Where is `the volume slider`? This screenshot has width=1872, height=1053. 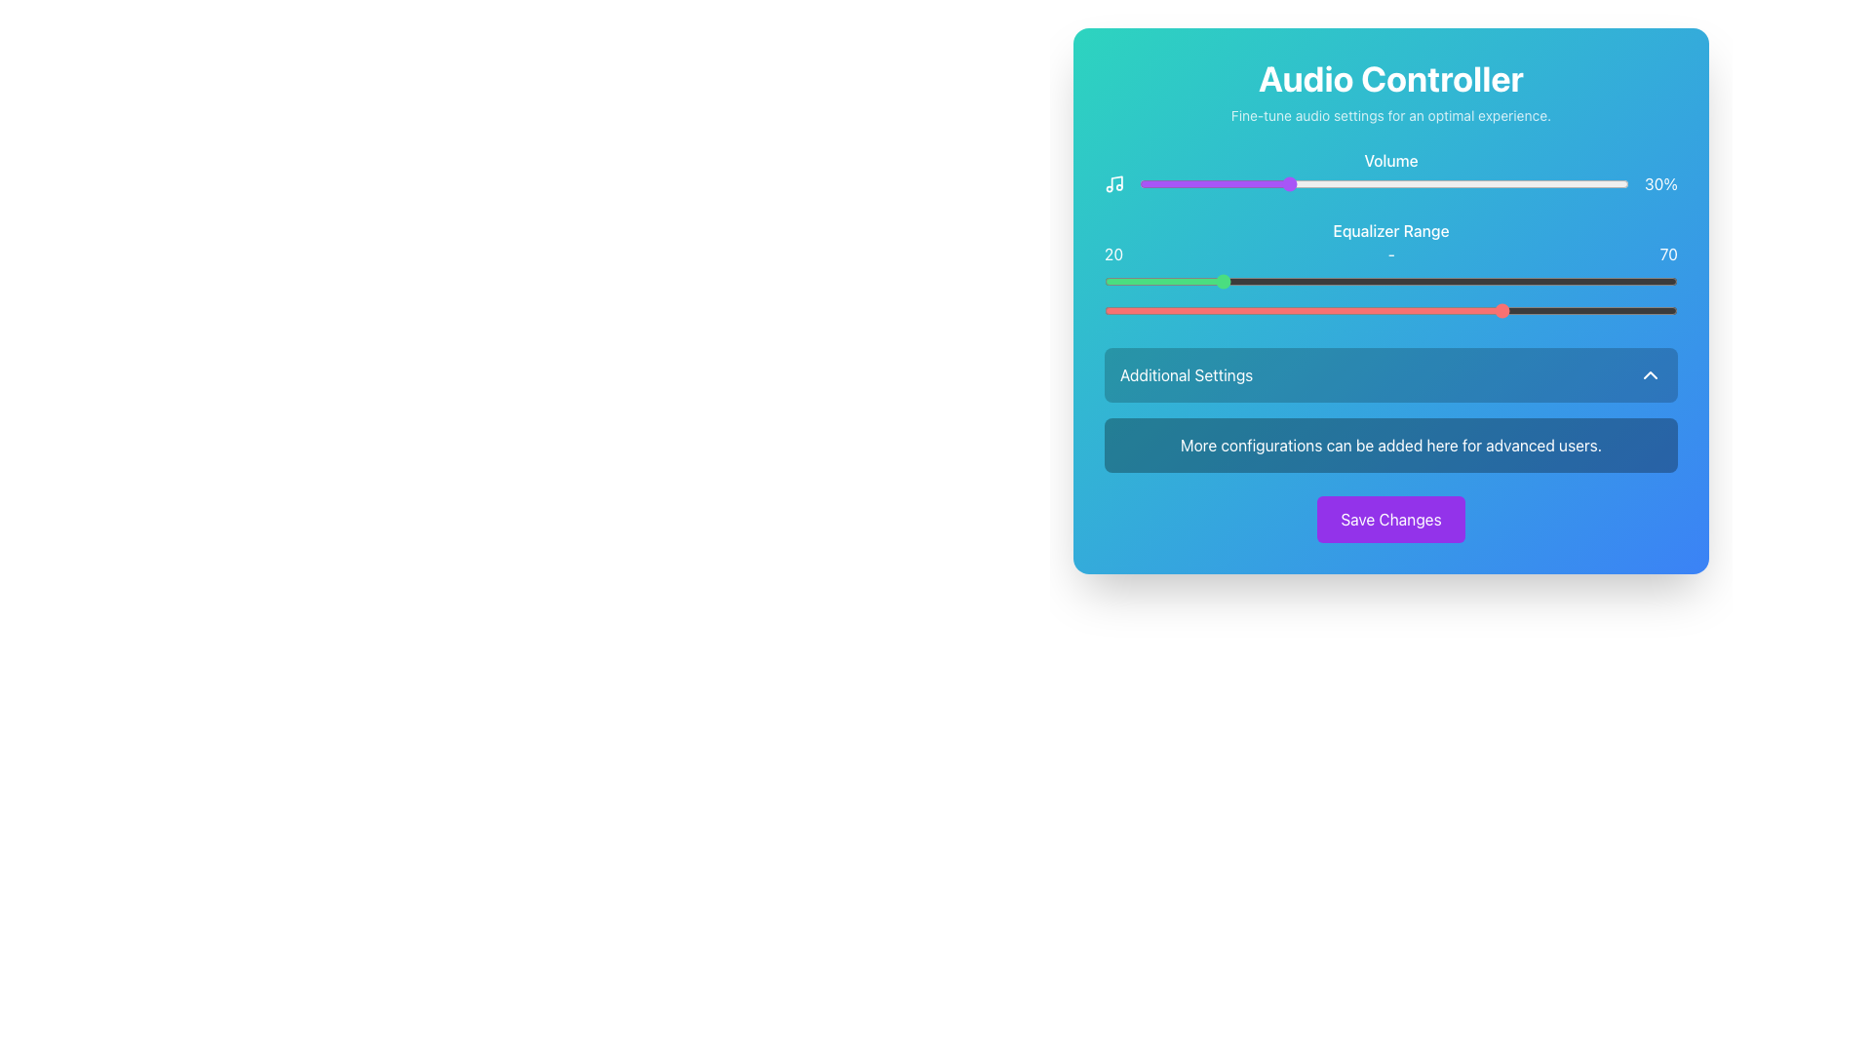
the volume slider is located at coordinates (1348, 184).